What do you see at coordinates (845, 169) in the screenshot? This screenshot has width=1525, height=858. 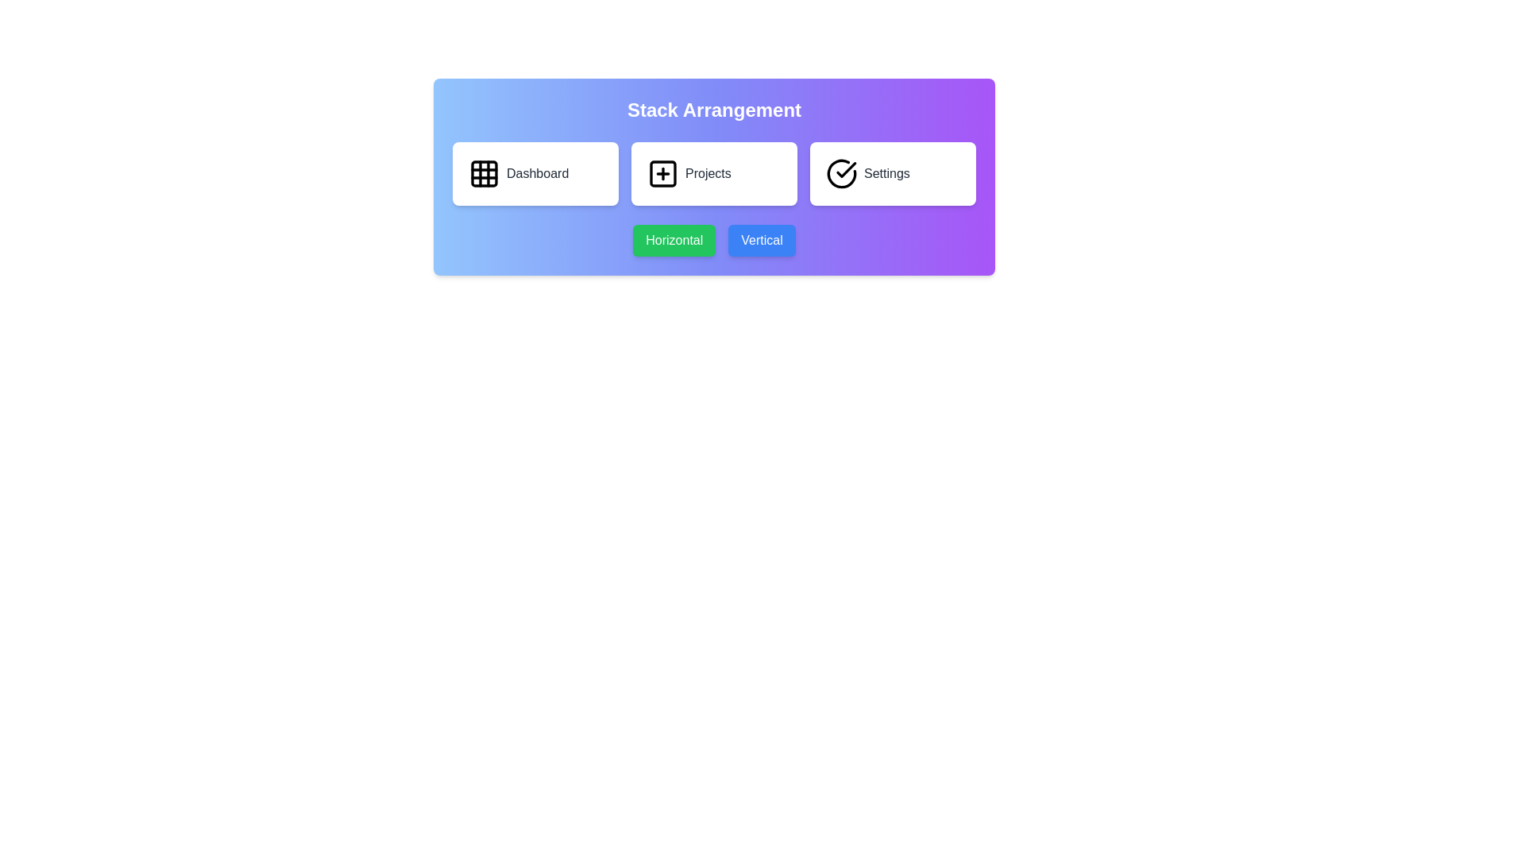 I see `the confirmation icon associated with the 'Settings' option located at the top-right of the interface` at bounding box center [845, 169].